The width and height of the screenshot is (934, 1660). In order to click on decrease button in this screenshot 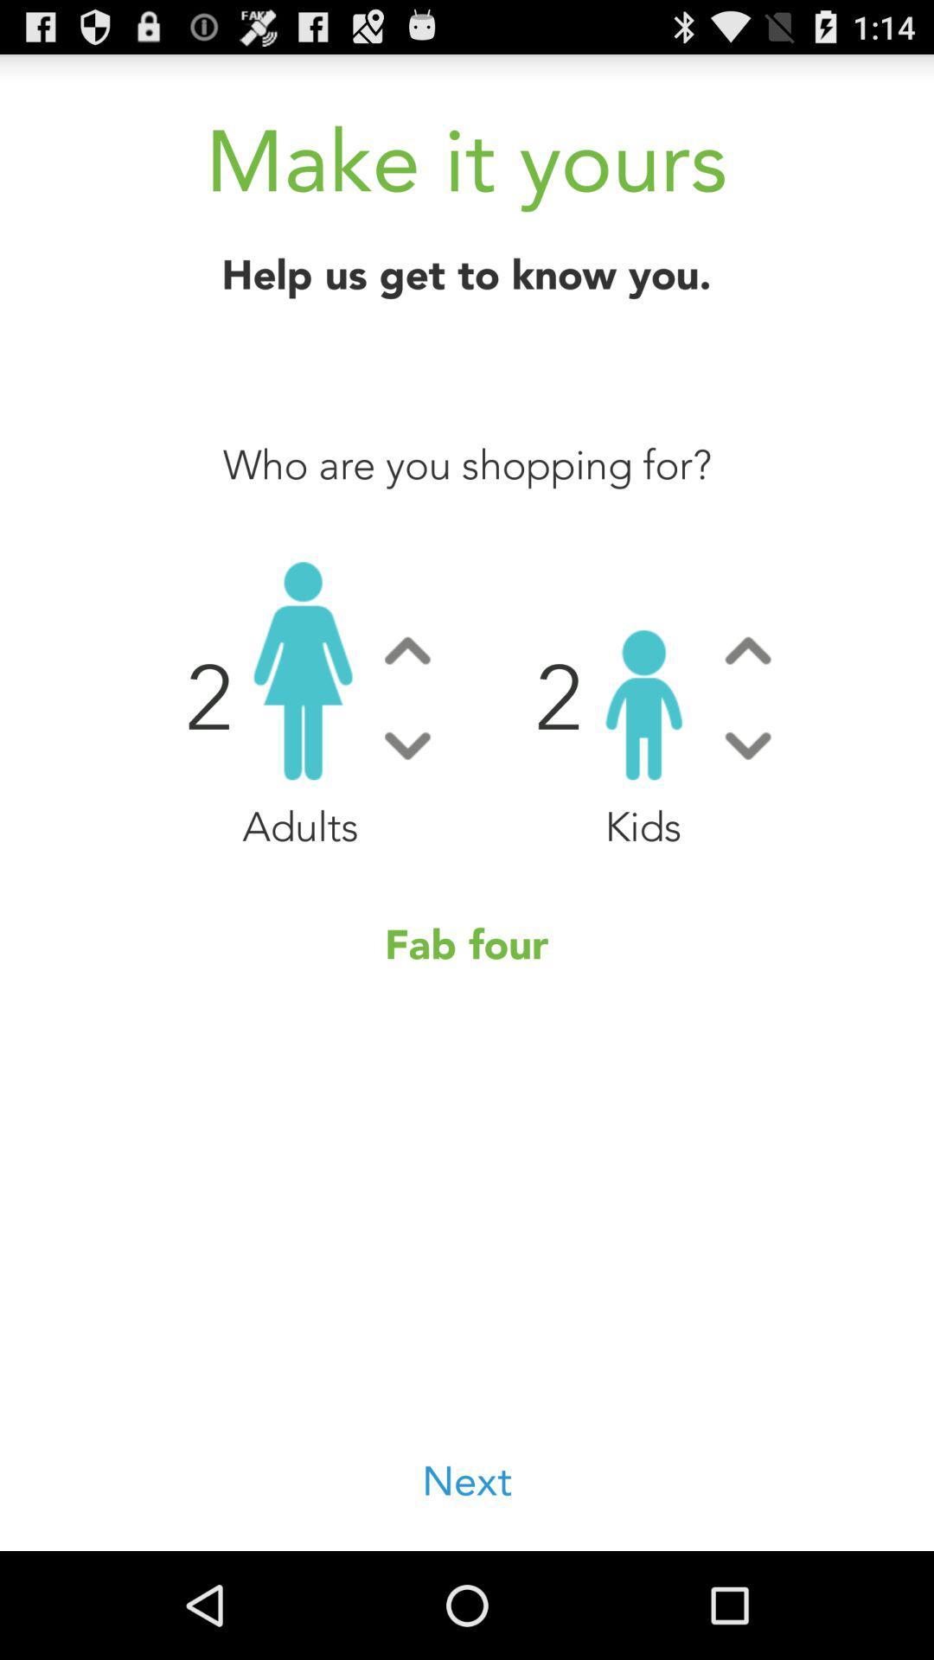, I will do `click(407, 745)`.